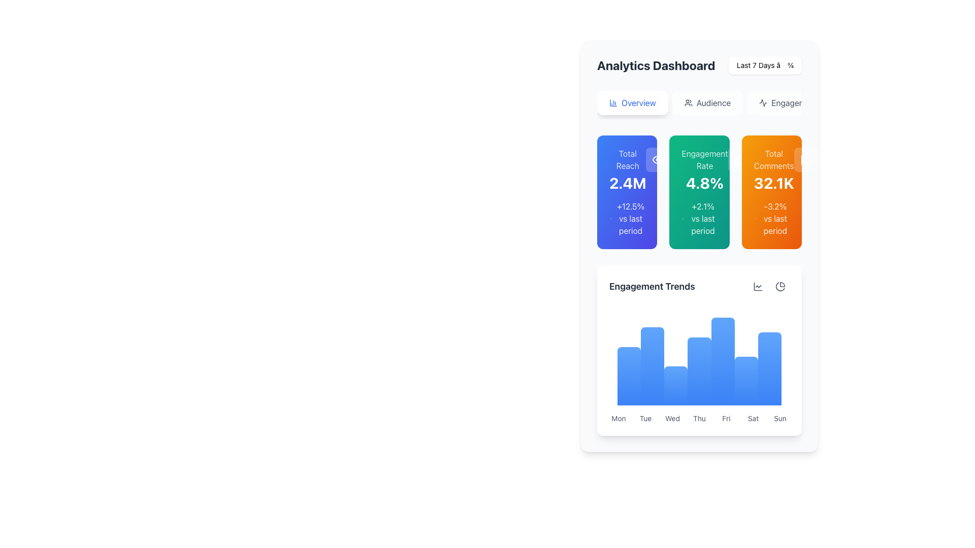 The height and width of the screenshot is (548, 975). I want to click on the second bar in the Engagement Trends section of the dashboard, which represents a specific data point or statistic, so click(653, 366).